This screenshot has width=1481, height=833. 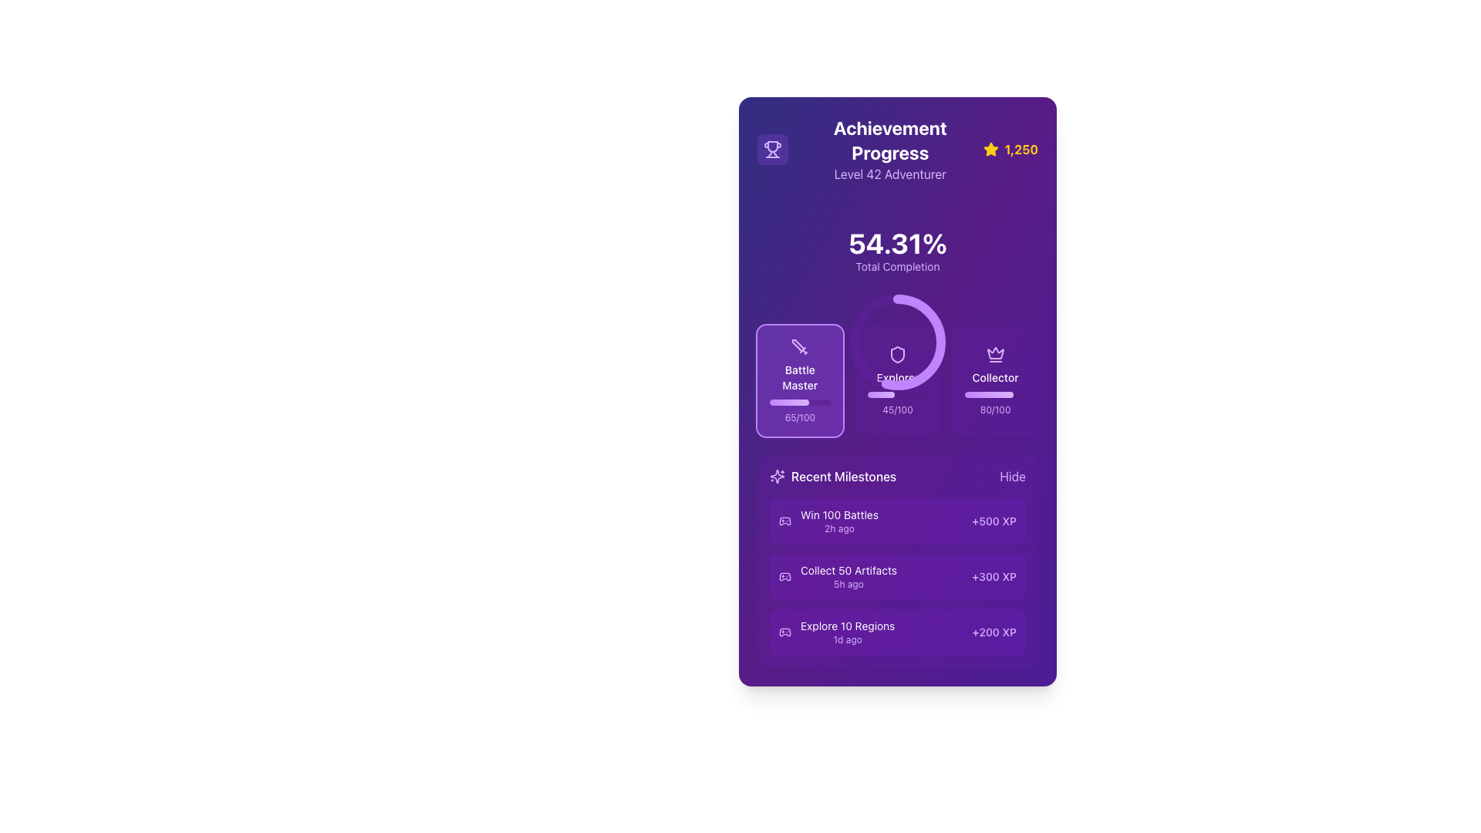 What do you see at coordinates (784, 521) in the screenshot?
I see `the small purple-colored gamepad icon located next to the text 'Win 100 Battles' in the 'Recent Milestones' section` at bounding box center [784, 521].